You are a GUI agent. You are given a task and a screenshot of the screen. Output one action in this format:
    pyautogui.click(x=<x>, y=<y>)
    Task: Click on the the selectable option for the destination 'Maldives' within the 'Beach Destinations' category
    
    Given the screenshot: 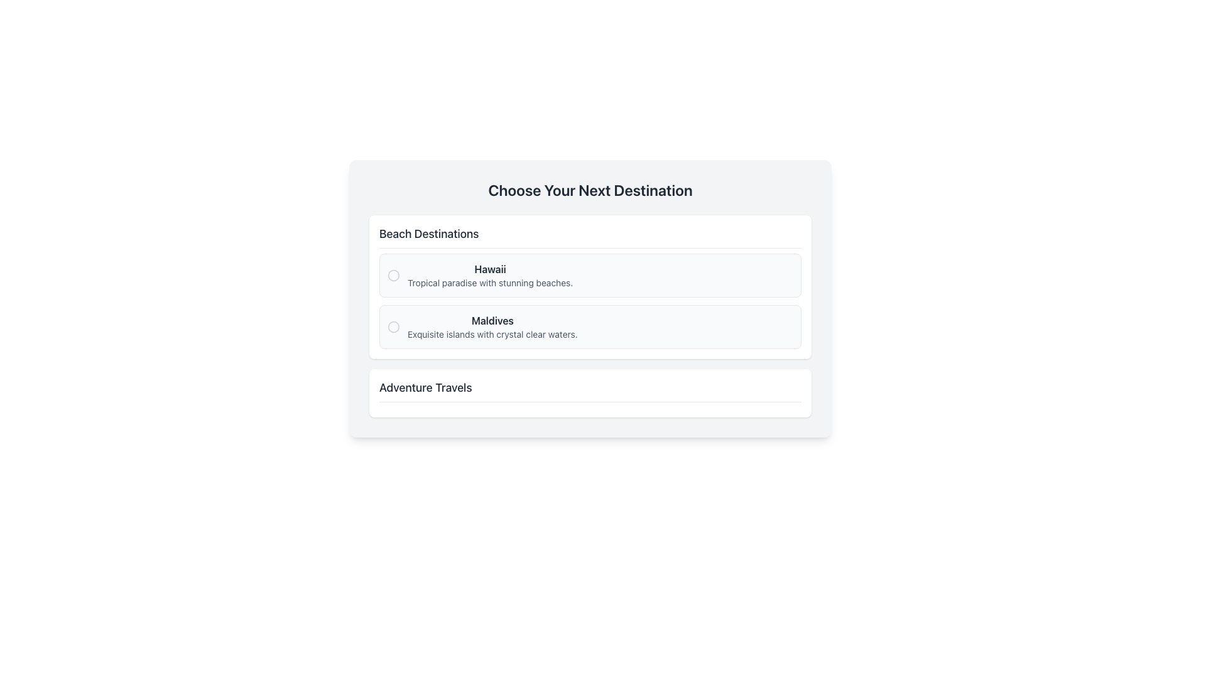 What is the action you would take?
    pyautogui.click(x=492, y=326)
    